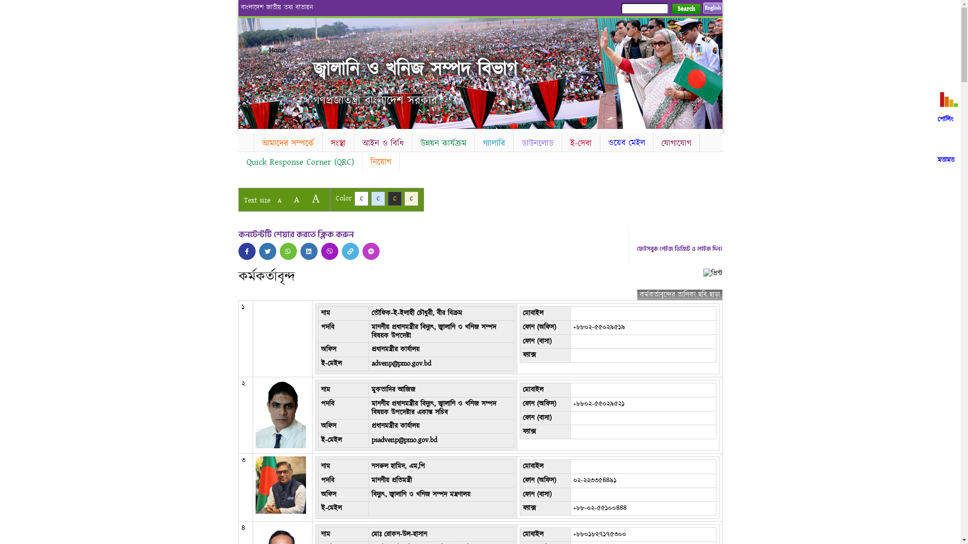  I want to click on 'Home', so click(287, 50).